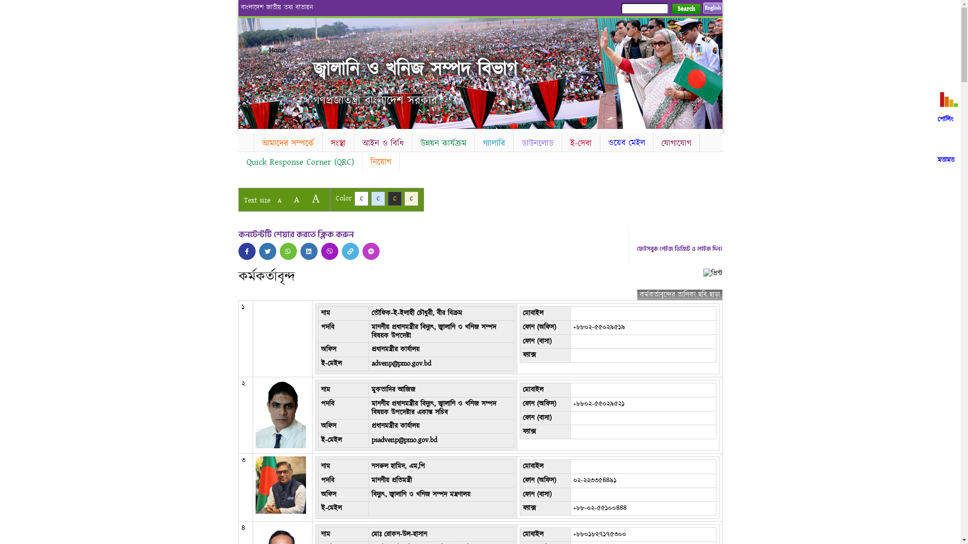  I want to click on 'Home', so click(287, 50).